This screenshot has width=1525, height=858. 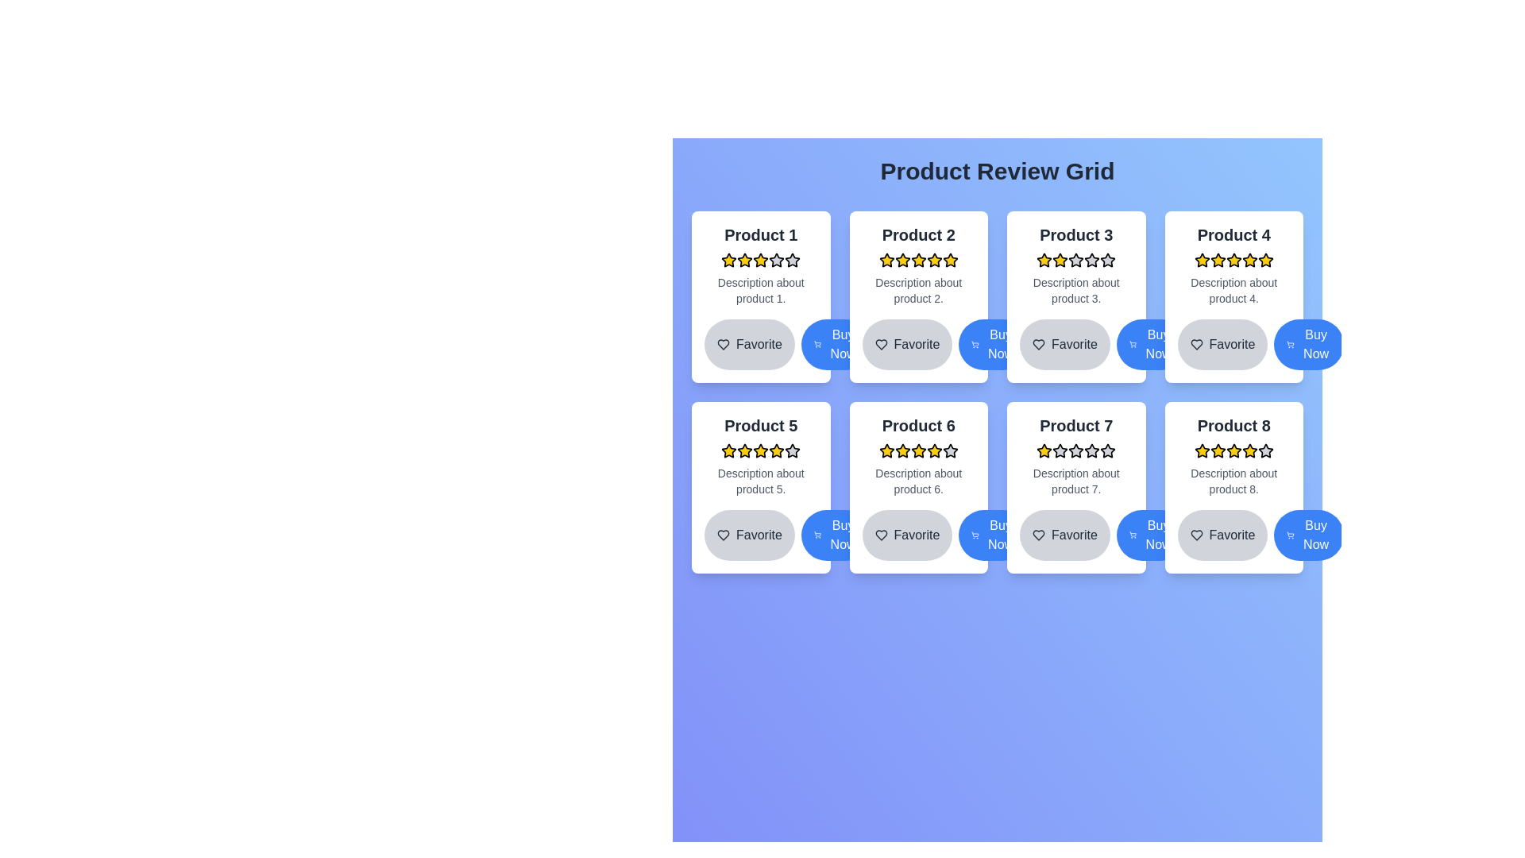 I want to click on text block containing 'Description about product 2.' which is styled in a smaller gray-colored font and located in the second card of the first row in a grid layout, so click(x=918, y=291).